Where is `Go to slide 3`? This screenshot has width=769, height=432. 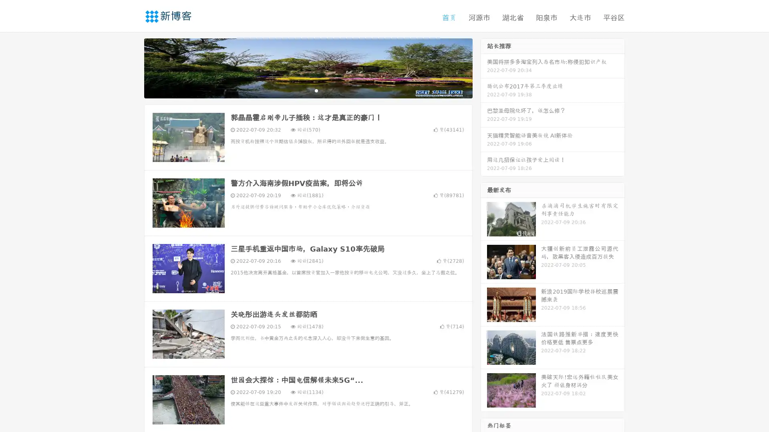
Go to slide 3 is located at coordinates (316, 90).